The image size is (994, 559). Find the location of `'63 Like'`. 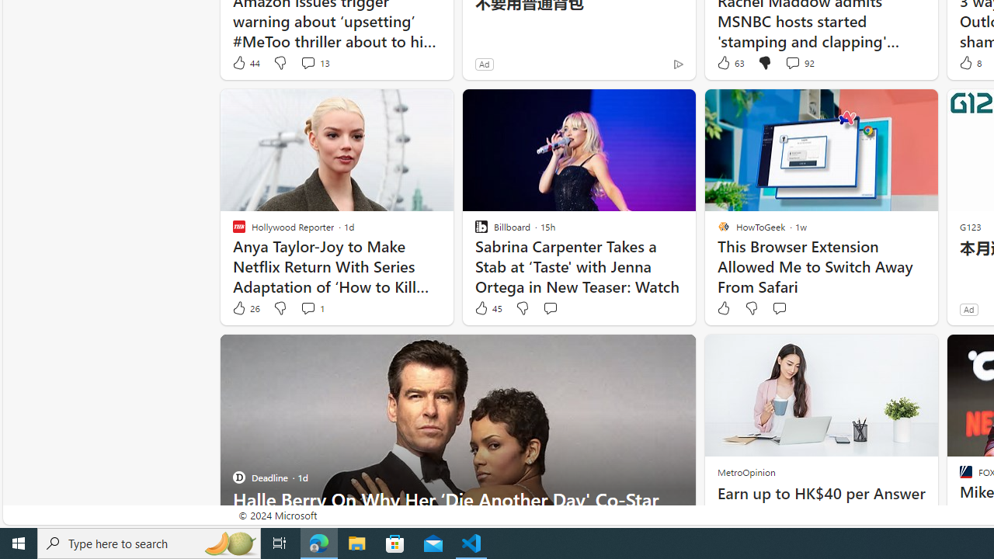

'63 Like' is located at coordinates (728, 62).